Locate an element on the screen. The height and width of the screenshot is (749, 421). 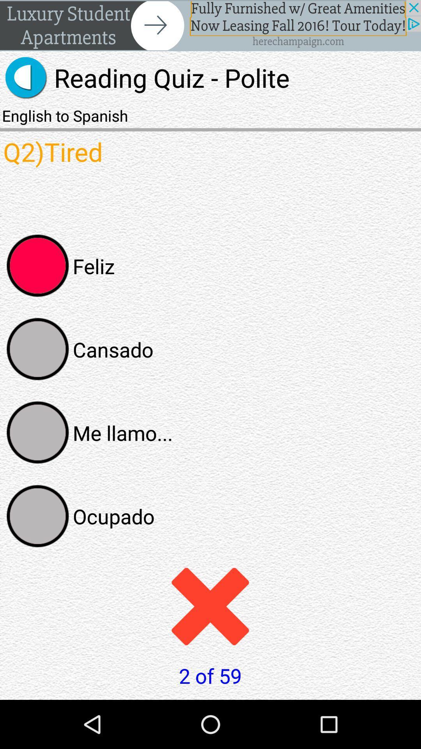
advertisement is located at coordinates (210, 25).